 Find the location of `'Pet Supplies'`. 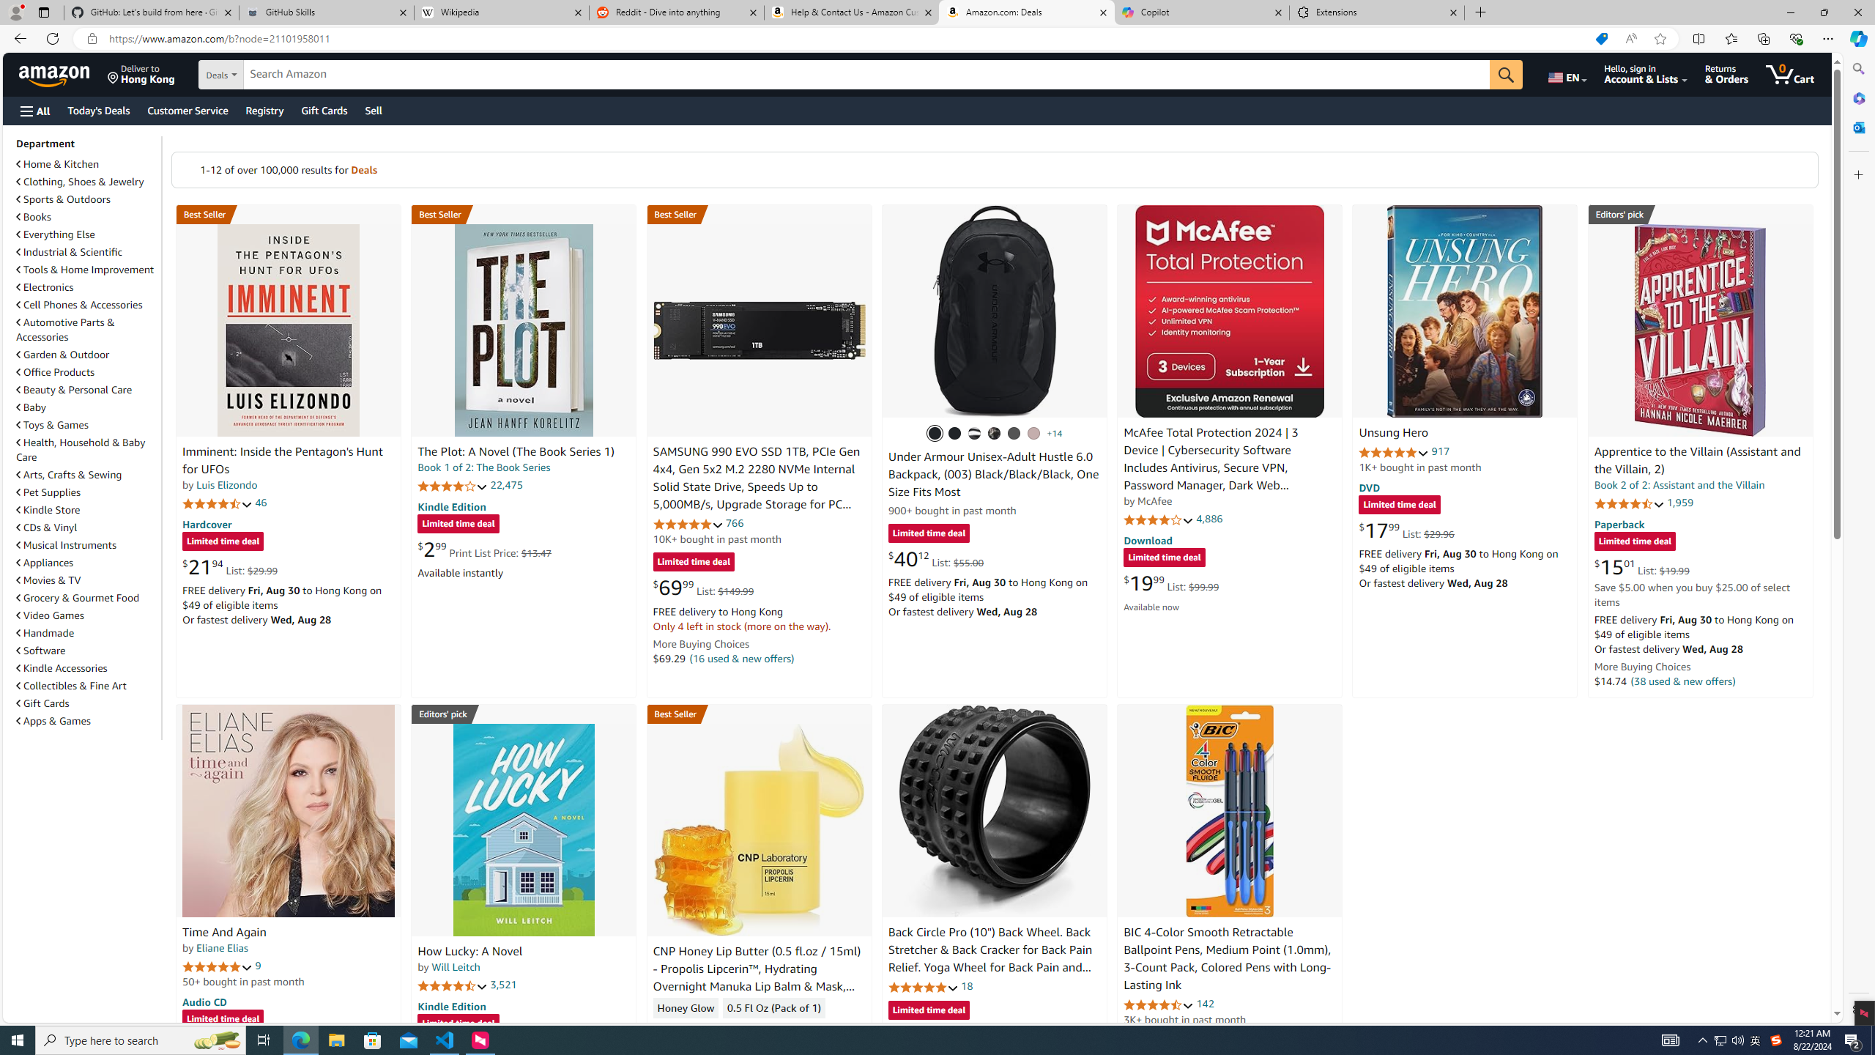

'Pet Supplies' is located at coordinates (48, 491).